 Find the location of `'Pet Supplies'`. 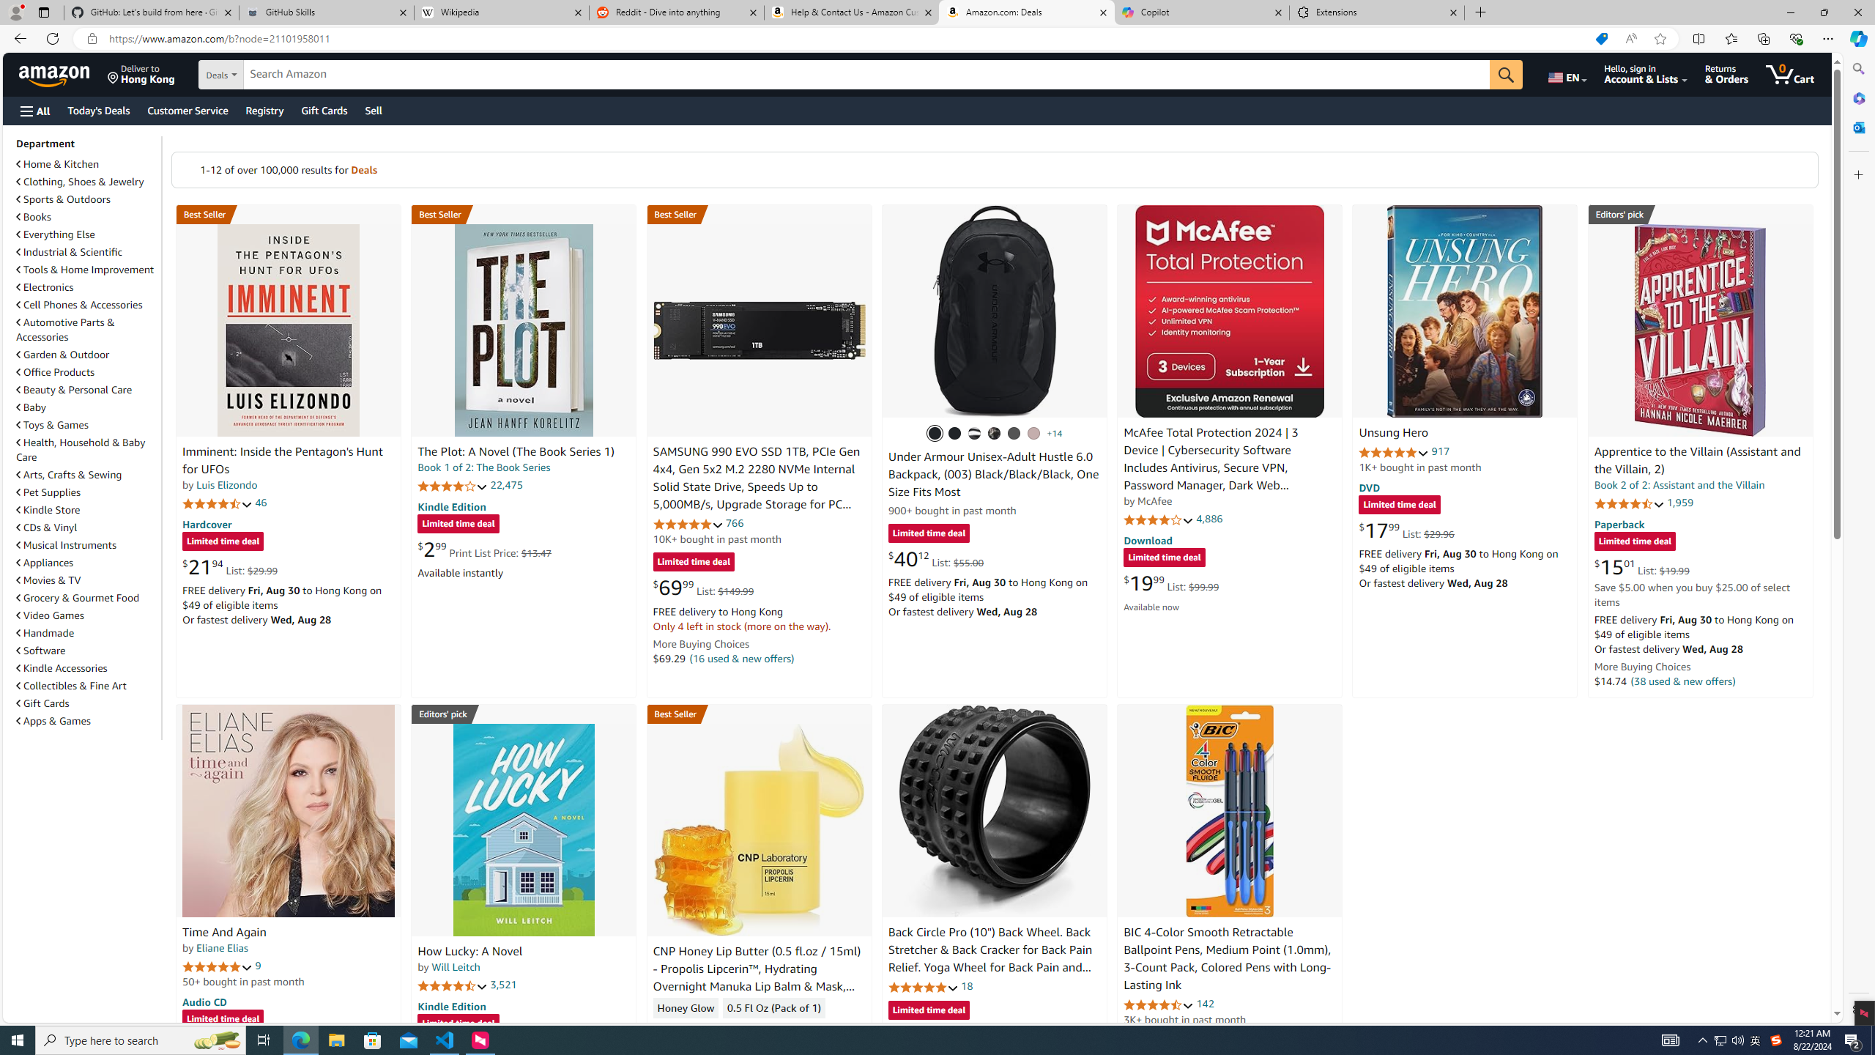

'Pet Supplies' is located at coordinates (48, 491).